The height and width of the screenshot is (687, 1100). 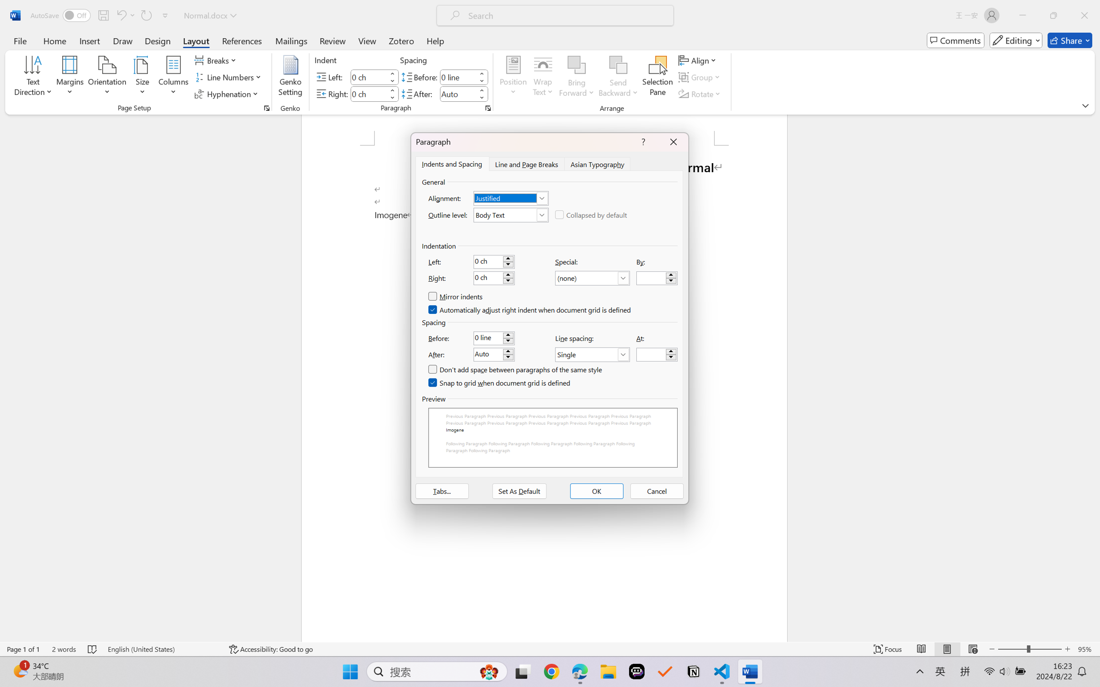 What do you see at coordinates (452, 163) in the screenshot?
I see `'Indents and Spacing'` at bounding box center [452, 163].